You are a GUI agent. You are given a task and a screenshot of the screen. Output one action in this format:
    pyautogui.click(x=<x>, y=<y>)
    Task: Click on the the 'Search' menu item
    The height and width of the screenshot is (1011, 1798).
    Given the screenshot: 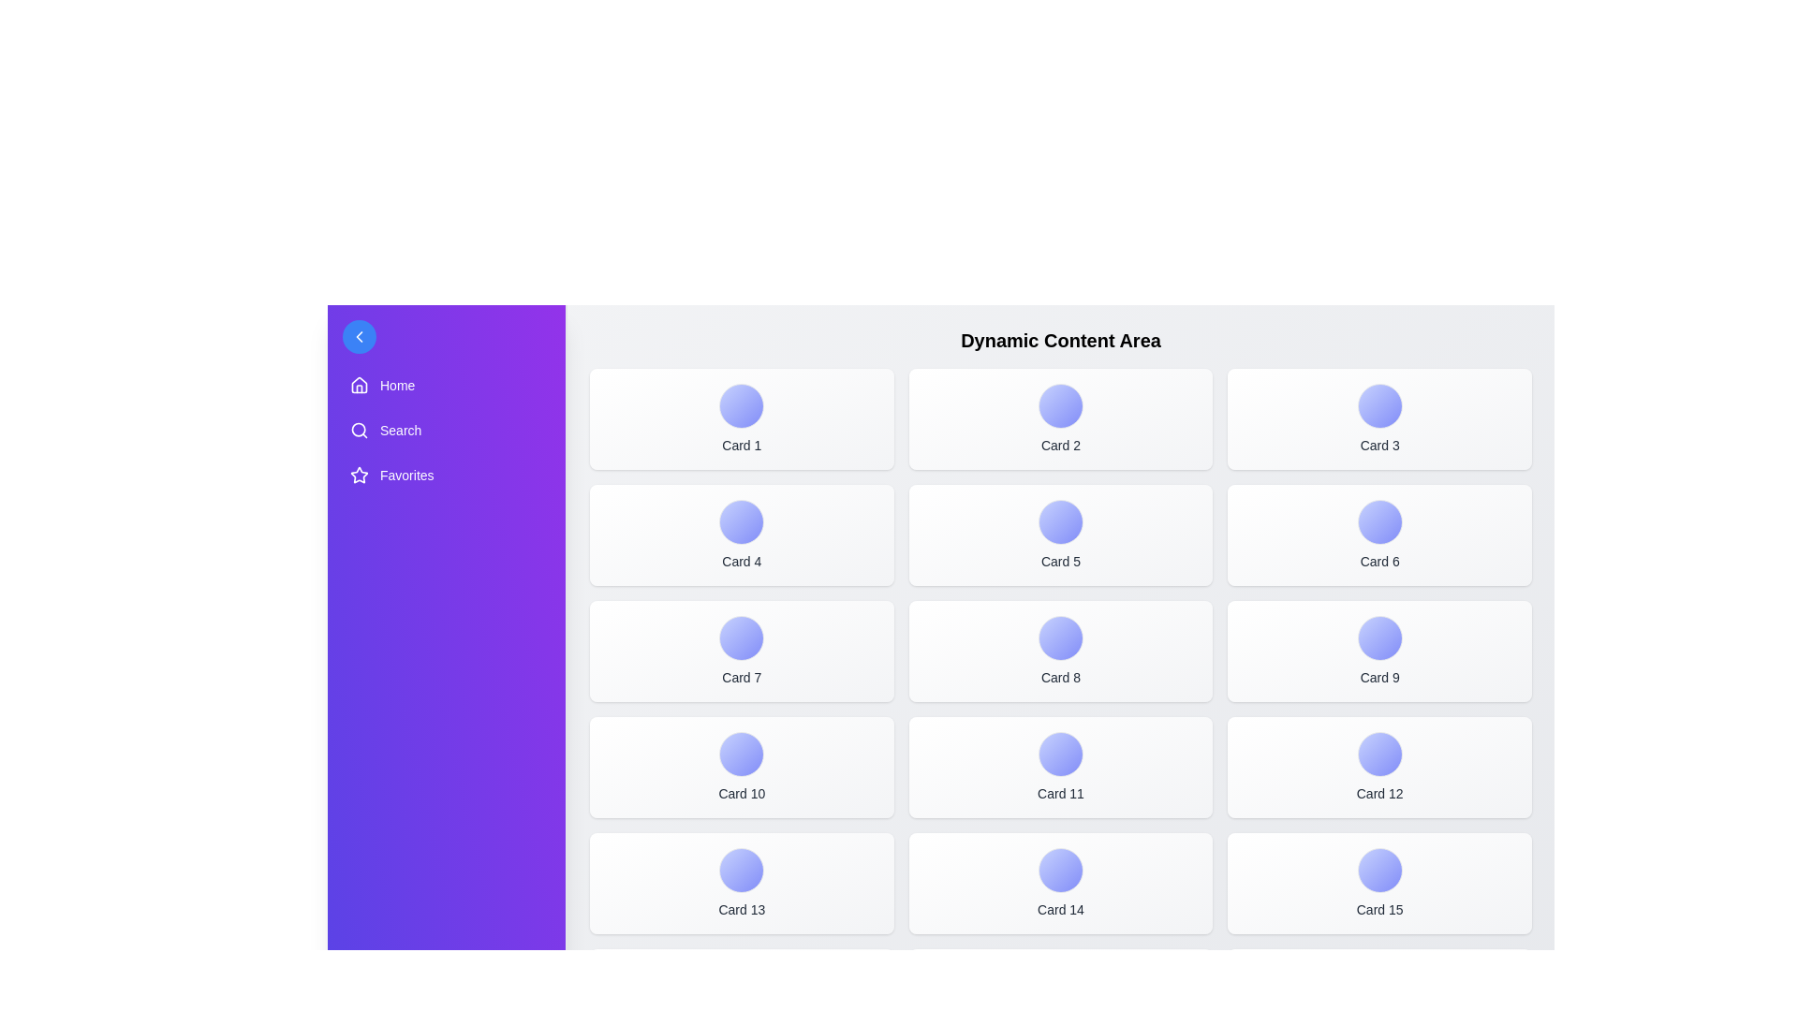 What is the action you would take?
    pyautogui.click(x=445, y=430)
    